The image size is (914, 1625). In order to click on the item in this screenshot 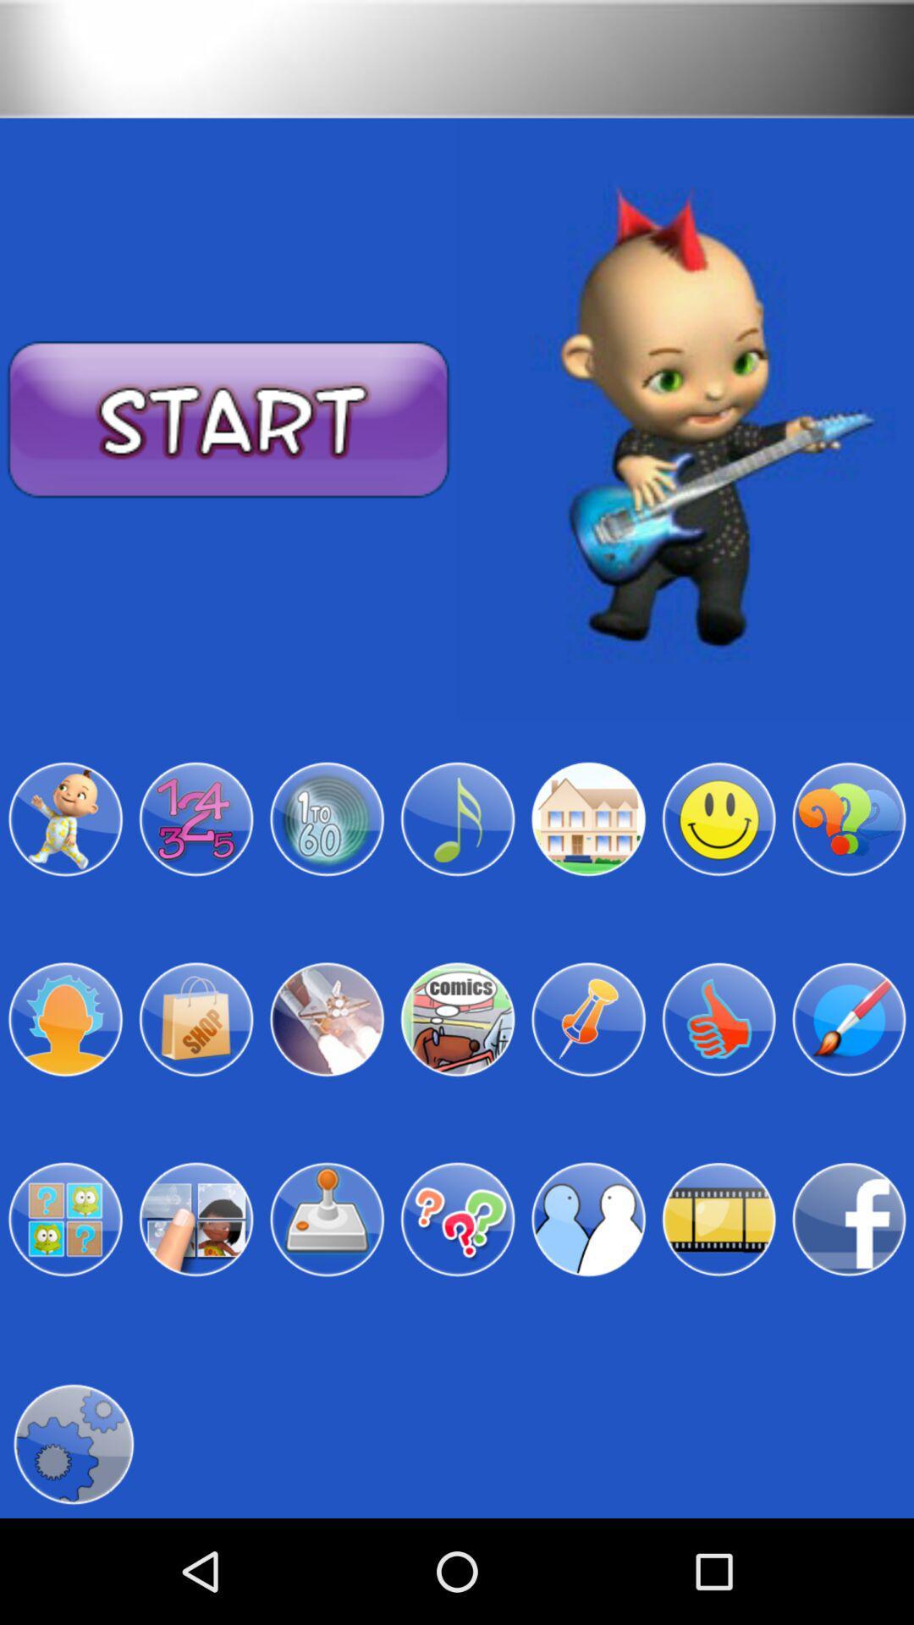, I will do `click(327, 819)`.